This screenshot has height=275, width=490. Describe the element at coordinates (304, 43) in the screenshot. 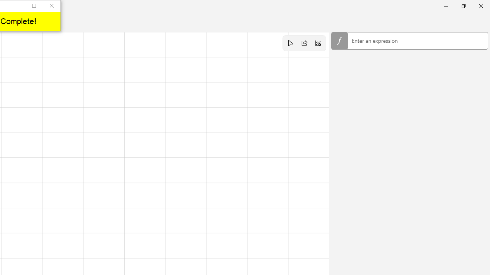

I see `'Share'` at that location.